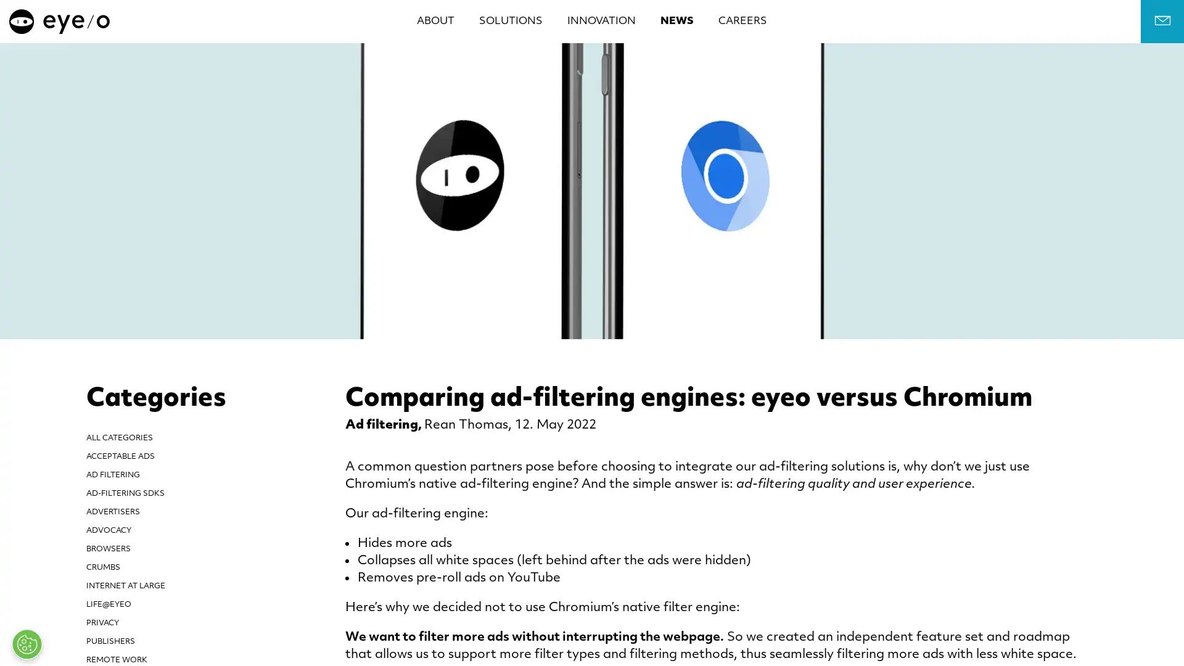 The image size is (1184, 666). Describe the element at coordinates (27, 644) in the screenshot. I see `Open Preferences` at that location.